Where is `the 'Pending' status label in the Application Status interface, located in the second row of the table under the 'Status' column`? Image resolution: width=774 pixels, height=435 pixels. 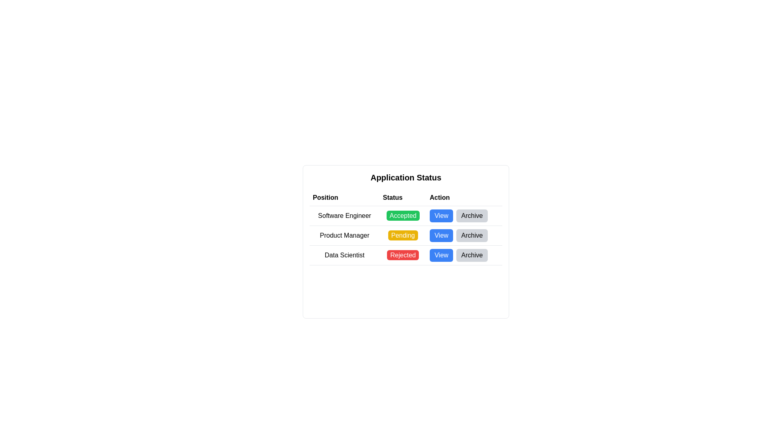 the 'Pending' status label in the Application Status interface, located in the second row of the table under the 'Status' column is located at coordinates (403, 236).